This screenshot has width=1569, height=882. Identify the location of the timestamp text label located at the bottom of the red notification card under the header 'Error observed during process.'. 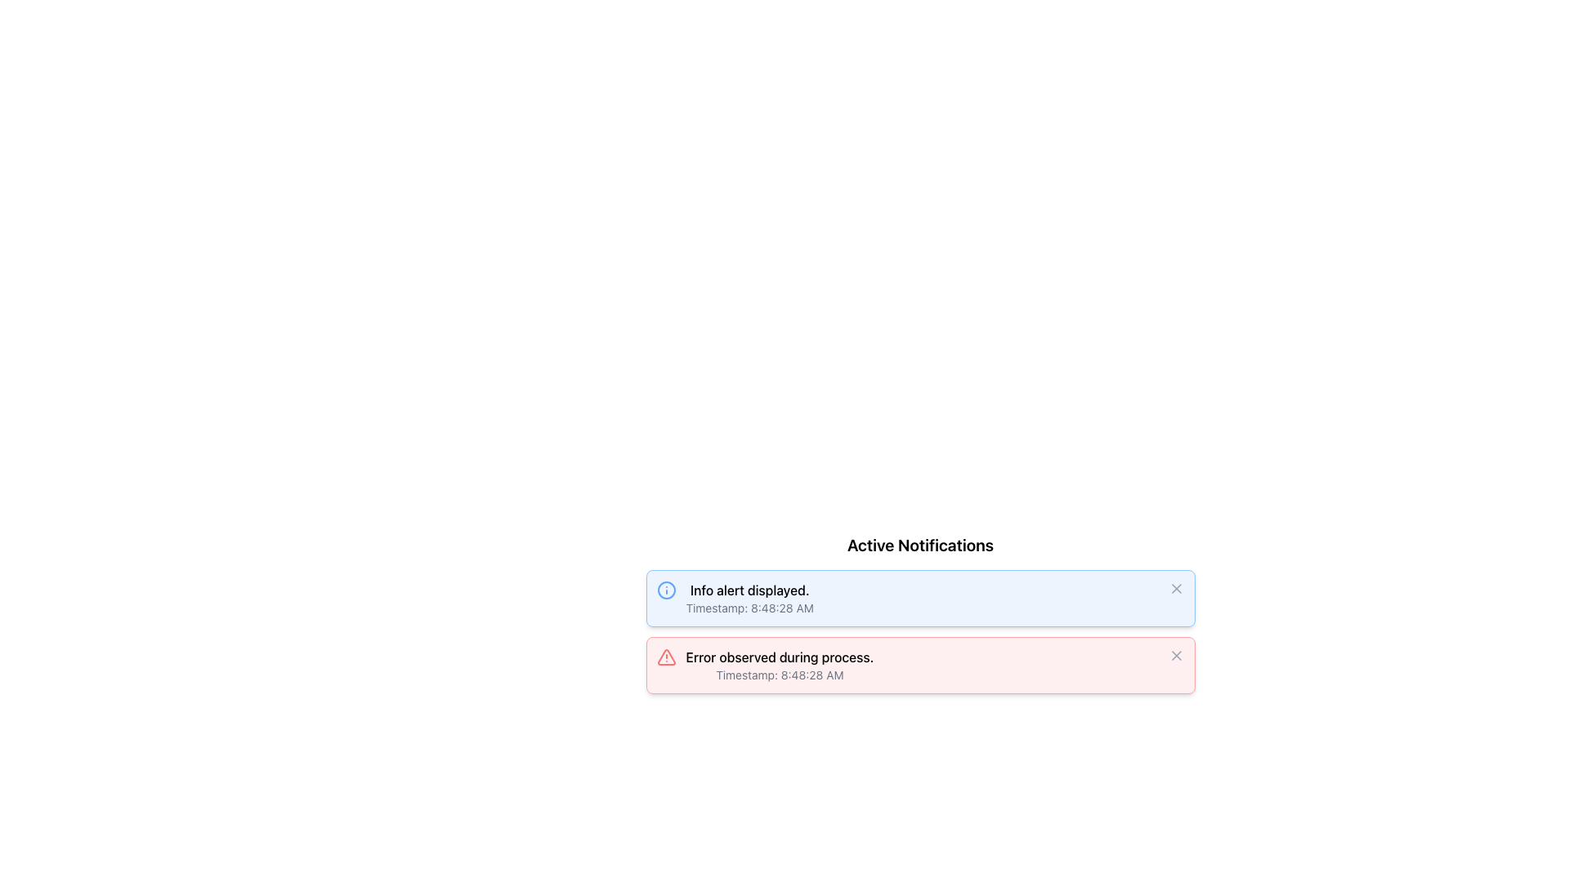
(779, 675).